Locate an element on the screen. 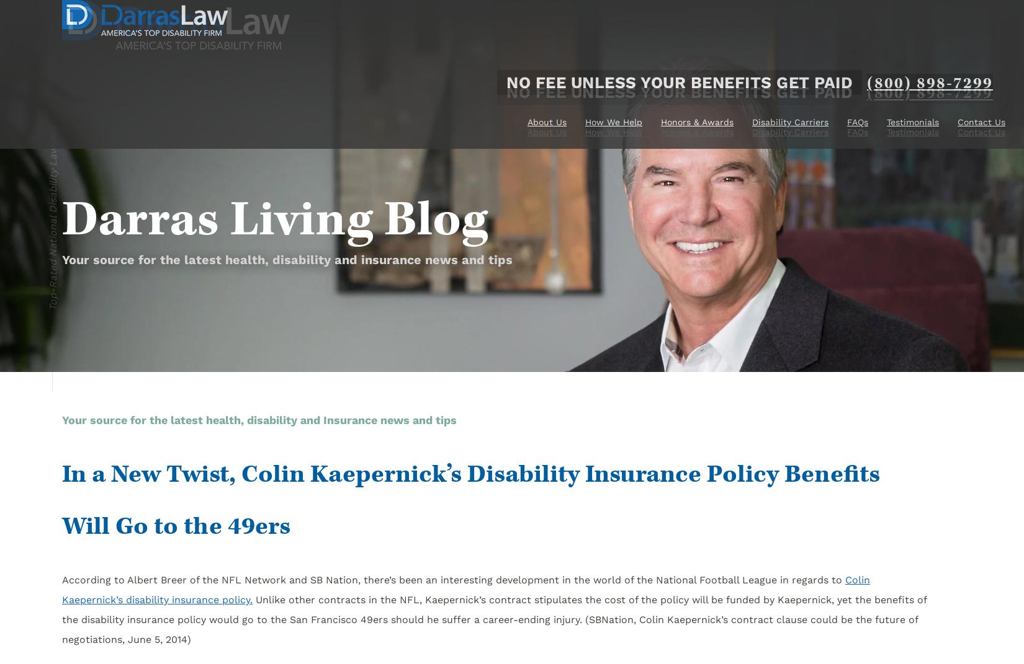 The height and width of the screenshot is (664, 1024). 'Testimonials' is located at coordinates (912, 131).